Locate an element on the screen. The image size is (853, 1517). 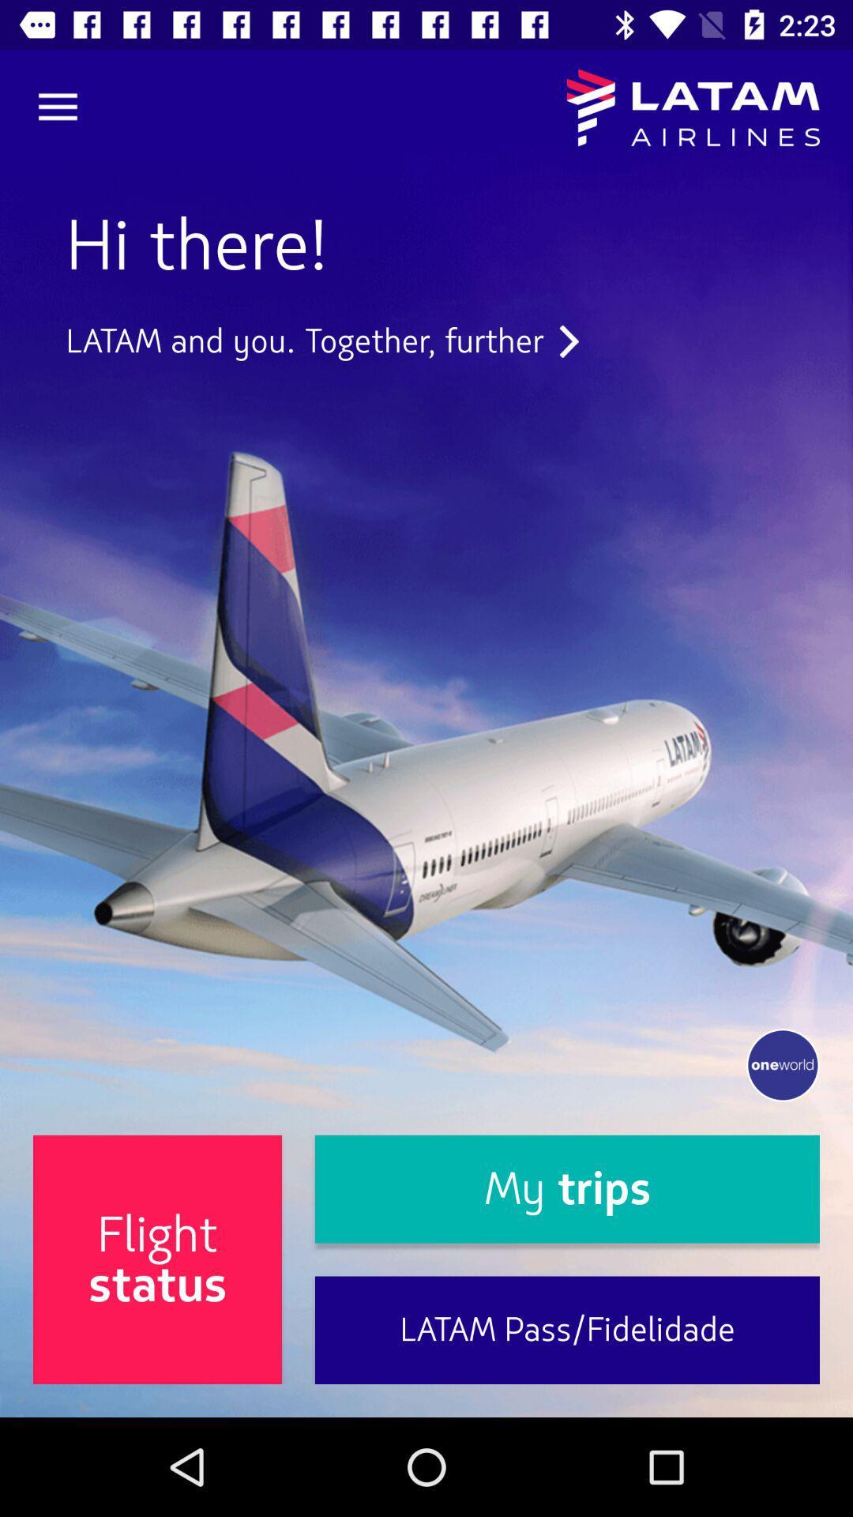
item above hi there! icon is located at coordinates (57, 107).